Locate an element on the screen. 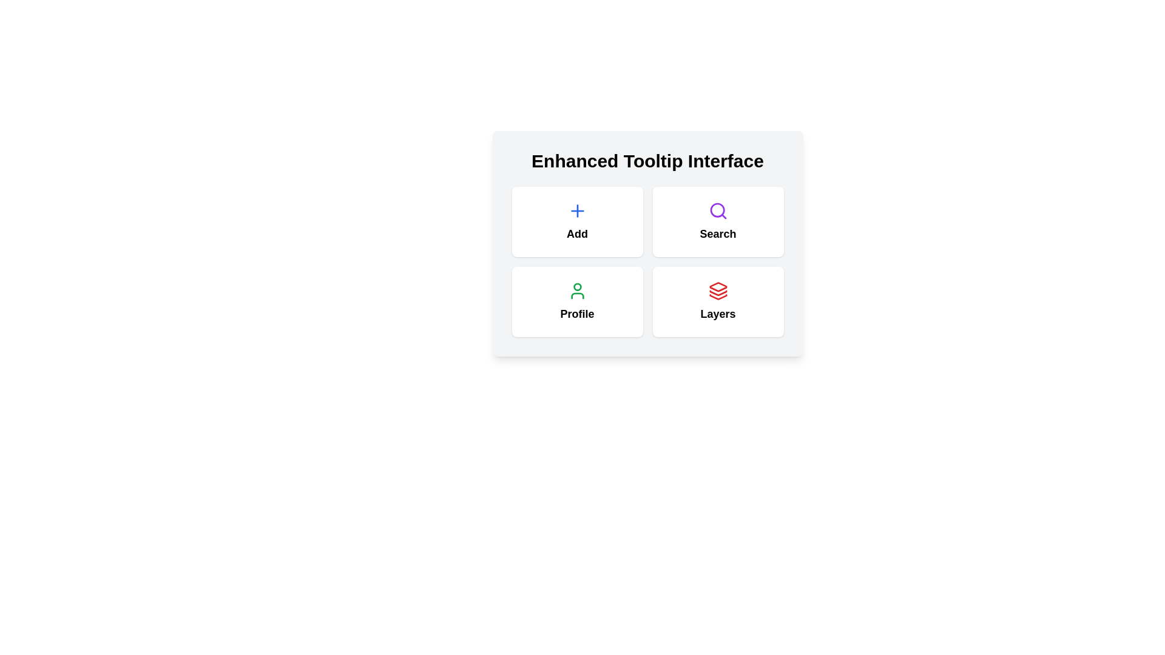 Image resolution: width=1165 pixels, height=655 pixels. the decorative circular SVG shape of the magnifying glass icon within the 'Search' button located in the top right corner of the interface grid layout is located at coordinates (717, 209).